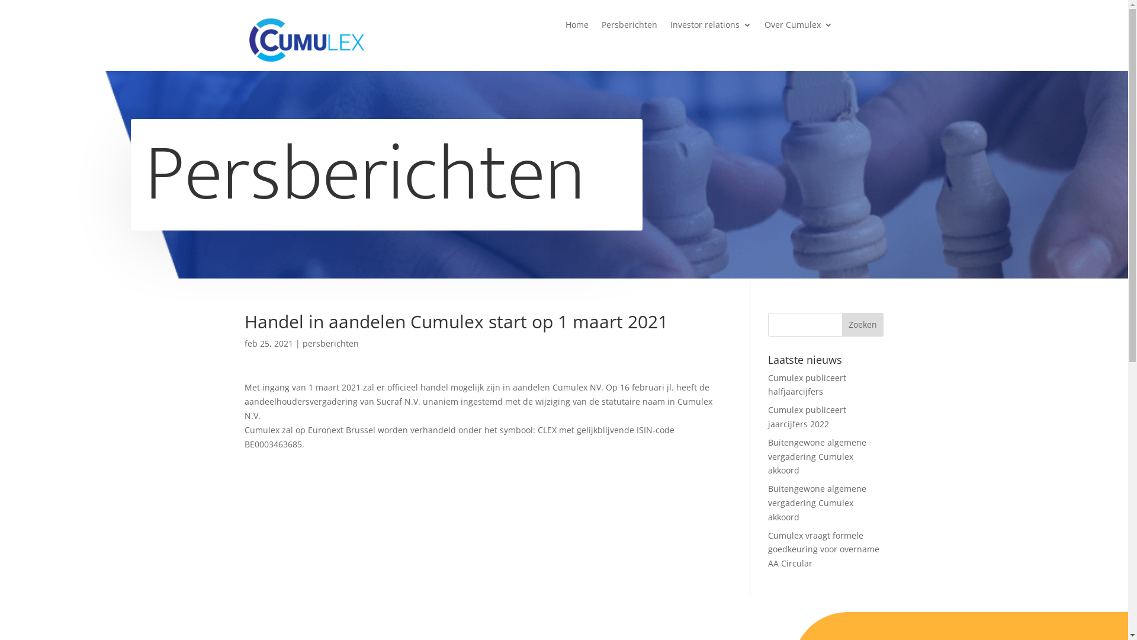 Image resolution: width=1137 pixels, height=640 pixels. I want to click on 'Cumulex publiceert jaarcijfers 2022', so click(807, 416).